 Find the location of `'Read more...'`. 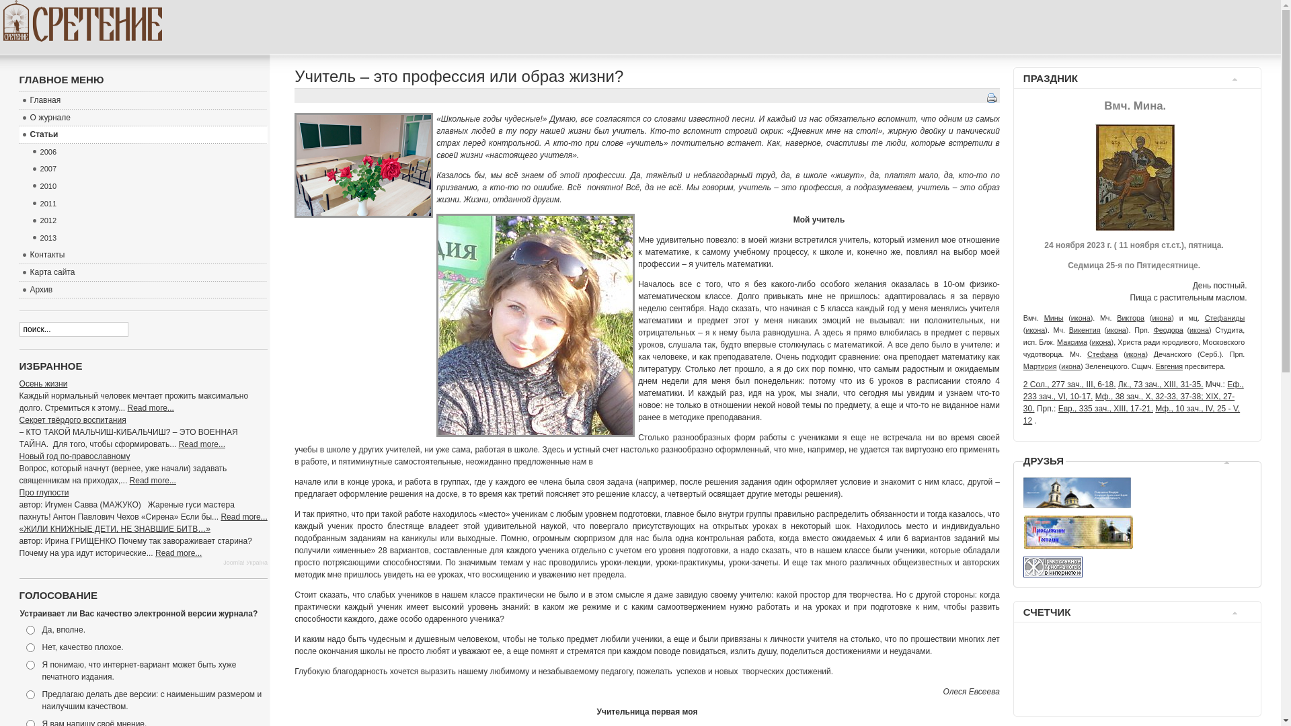

'Read more...' is located at coordinates (178, 553).